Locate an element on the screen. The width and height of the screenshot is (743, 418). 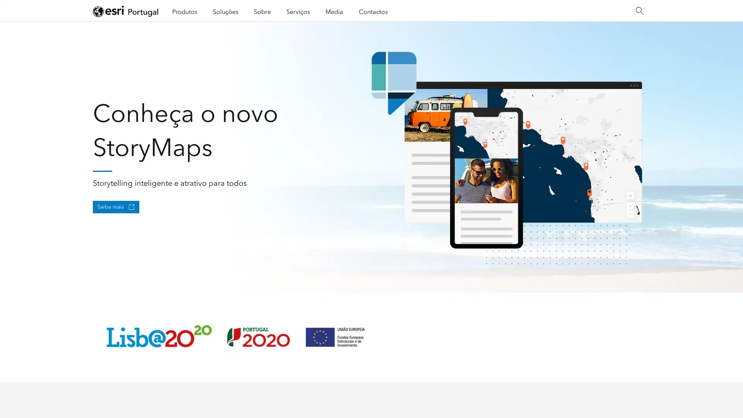
Search is located at coordinates (639, 10).